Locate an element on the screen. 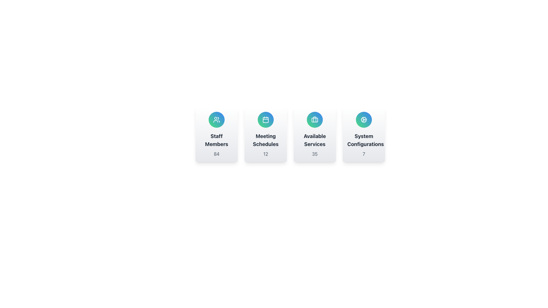 This screenshot has height=308, width=548. text 'Staff Members' displayed in bold, black font at the top-middle of the card, which is above the number '84' and below an icon is located at coordinates (216, 140).